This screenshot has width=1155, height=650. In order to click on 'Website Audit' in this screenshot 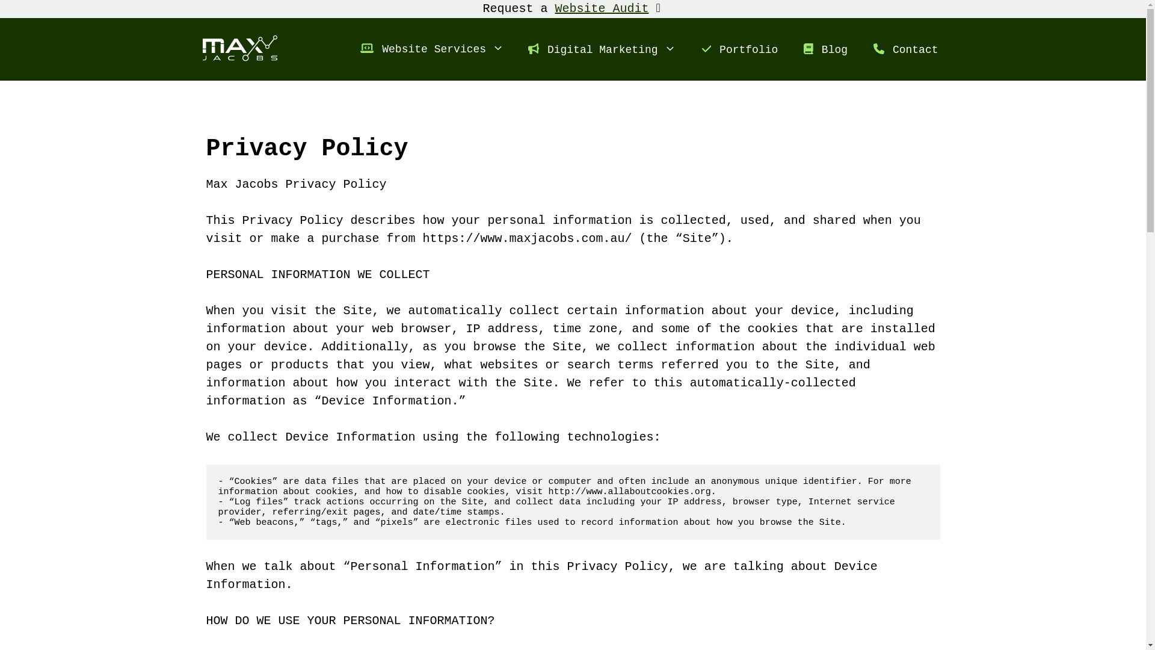, I will do `click(601, 8)`.